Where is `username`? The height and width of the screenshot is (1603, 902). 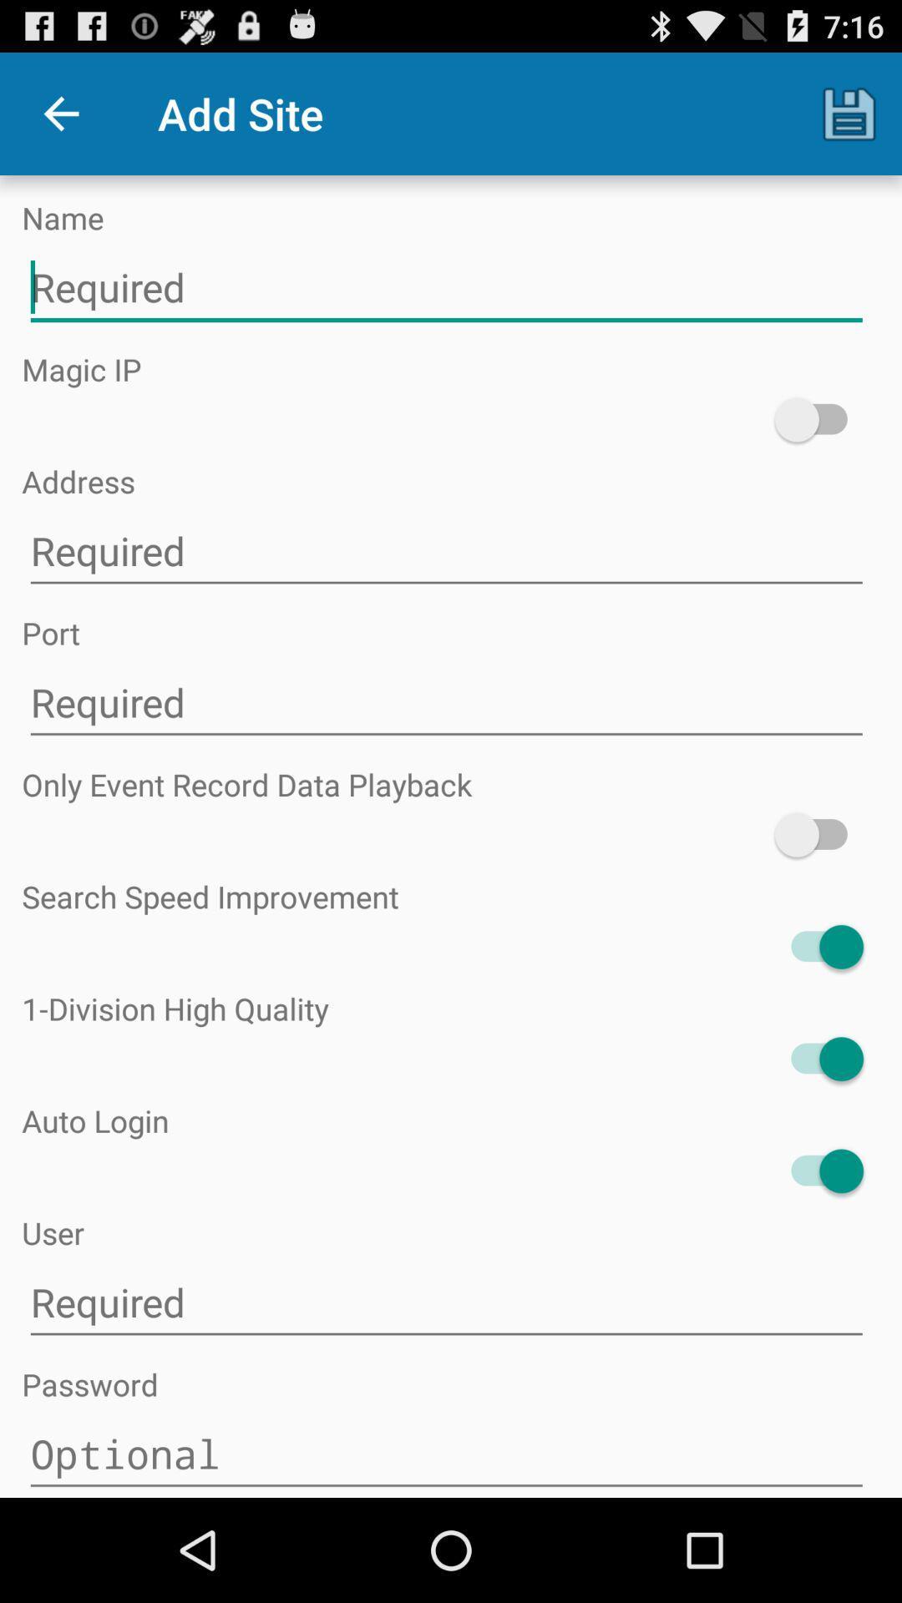 username is located at coordinates (445, 1302).